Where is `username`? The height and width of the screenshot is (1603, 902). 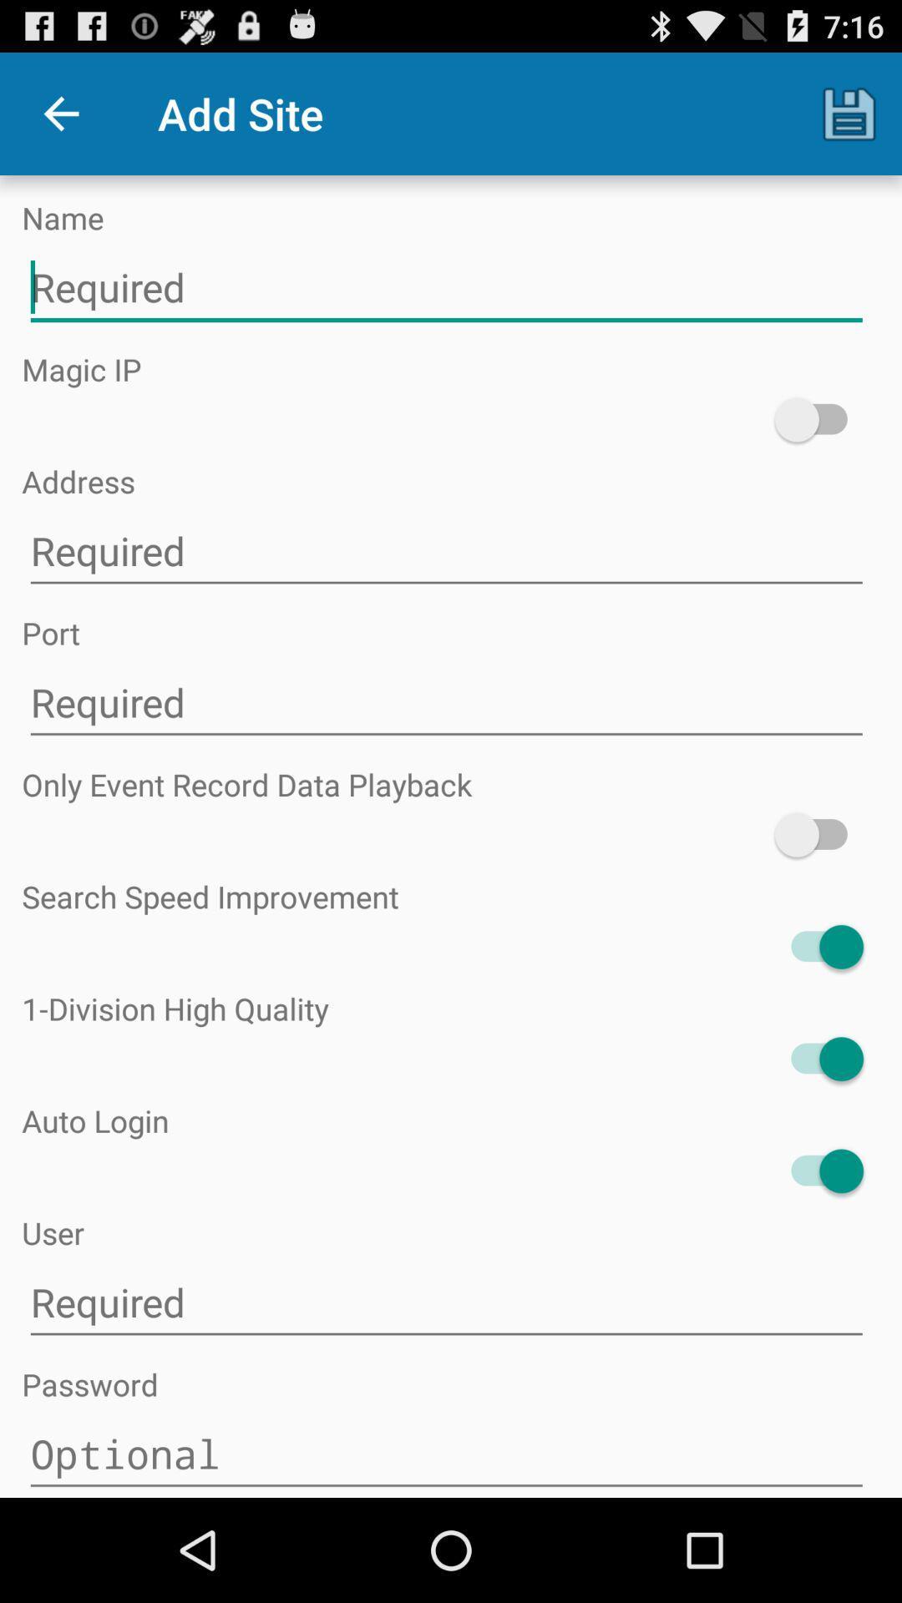 username is located at coordinates (445, 1302).